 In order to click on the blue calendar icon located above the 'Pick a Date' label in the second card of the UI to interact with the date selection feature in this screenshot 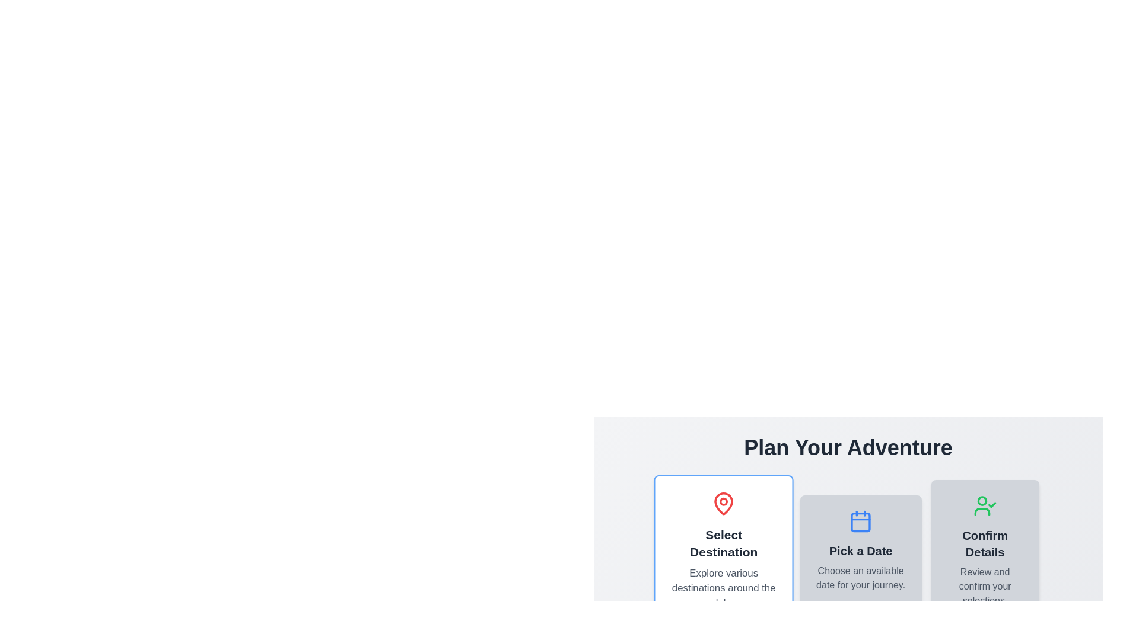, I will do `click(861, 520)`.